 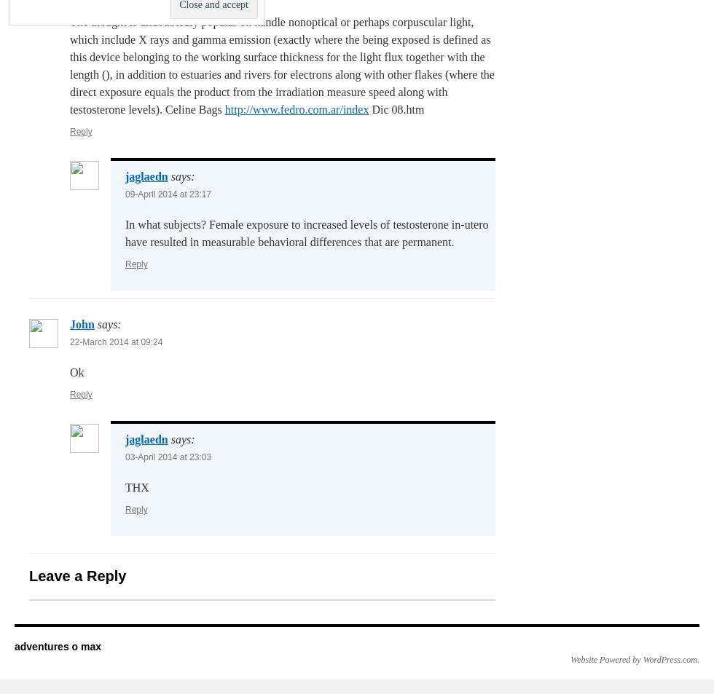 What do you see at coordinates (168, 194) in the screenshot?
I see `'09-April 2014 at 23:17'` at bounding box center [168, 194].